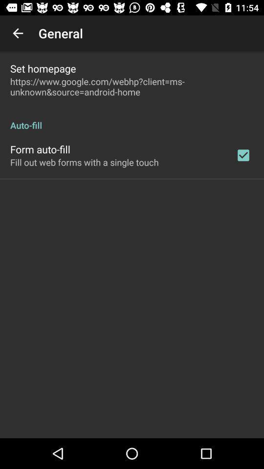 This screenshot has height=469, width=264. What do you see at coordinates (242, 155) in the screenshot?
I see `icon to the right of the fill out web item` at bounding box center [242, 155].